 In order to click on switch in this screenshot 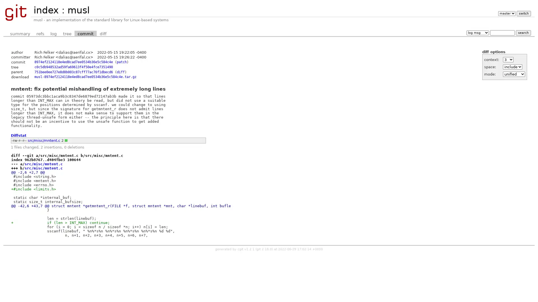, I will do `click(523, 13)`.